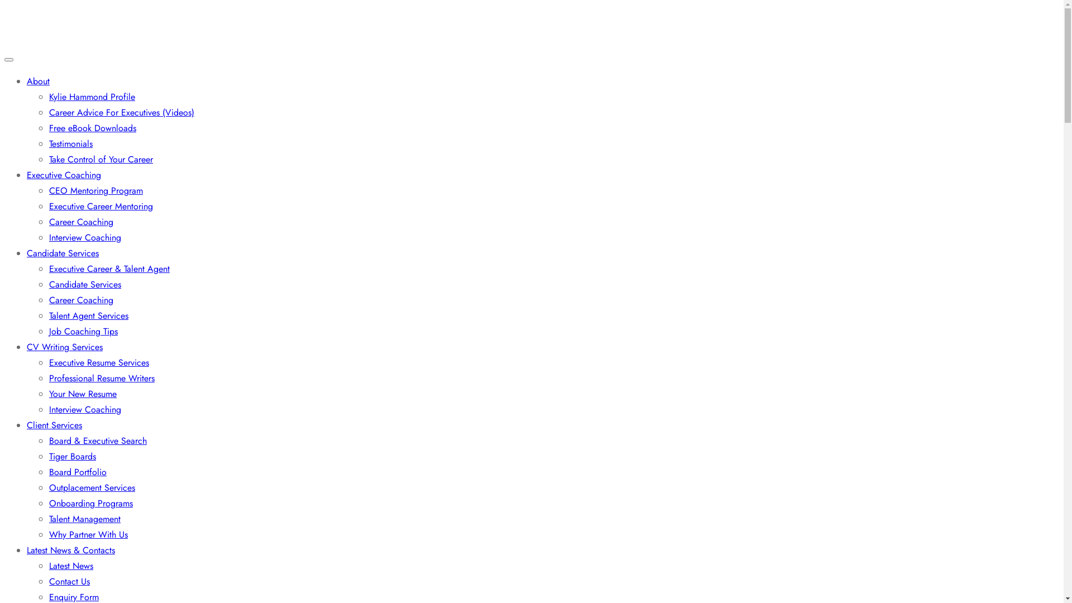 The image size is (1072, 603). What do you see at coordinates (77, 472) in the screenshot?
I see `'Board Portfolio'` at bounding box center [77, 472].